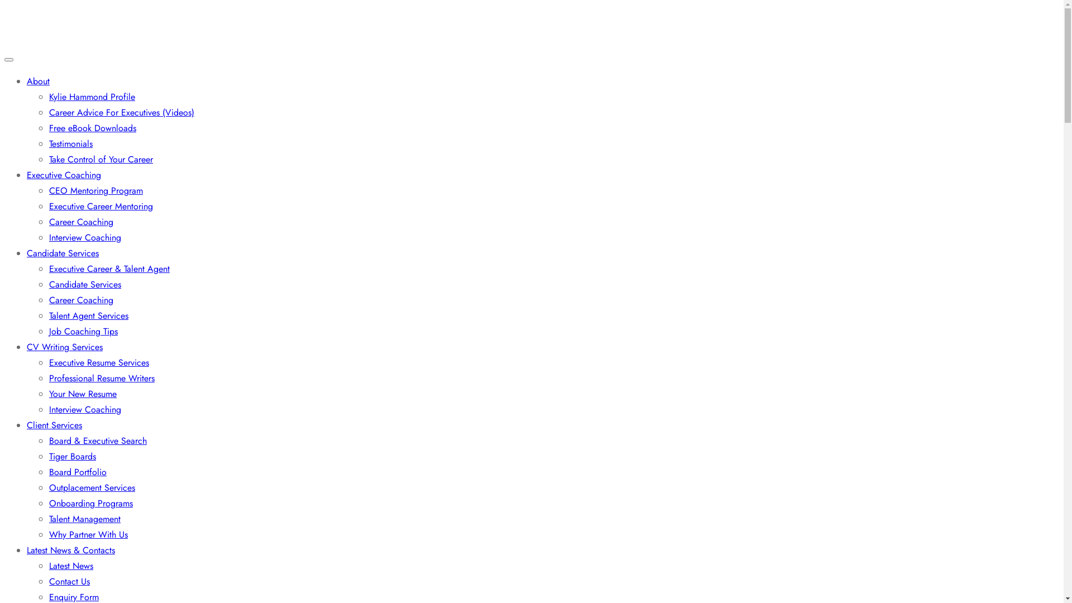 The image size is (1072, 603). What do you see at coordinates (77, 472) in the screenshot?
I see `'Board Portfolio'` at bounding box center [77, 472].